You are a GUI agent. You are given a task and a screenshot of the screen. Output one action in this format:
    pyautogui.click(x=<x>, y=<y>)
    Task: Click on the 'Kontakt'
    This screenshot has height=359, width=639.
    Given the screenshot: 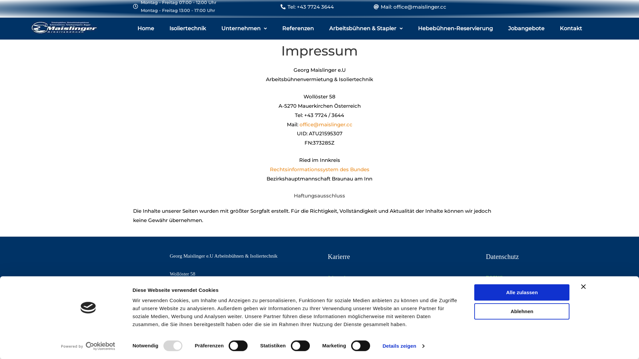 What is the action you would take?
    pyautogui.click(x=570, y=28)
    